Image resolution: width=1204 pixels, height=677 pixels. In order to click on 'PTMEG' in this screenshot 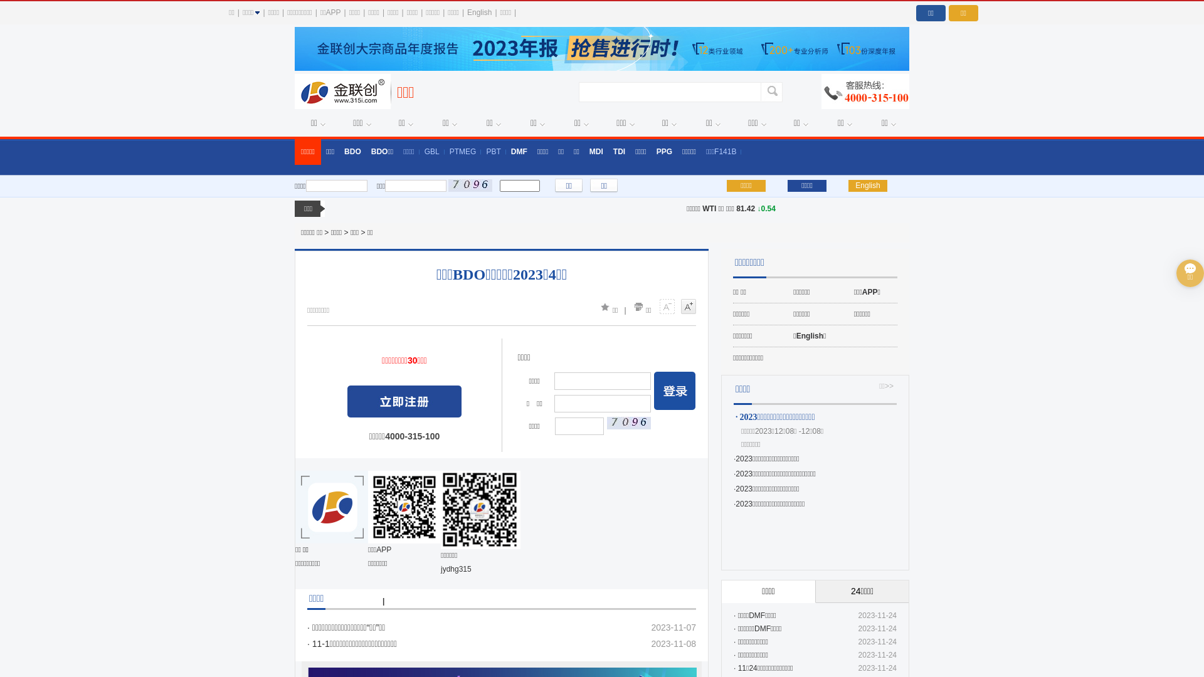, I will do `click(462, 151)`.